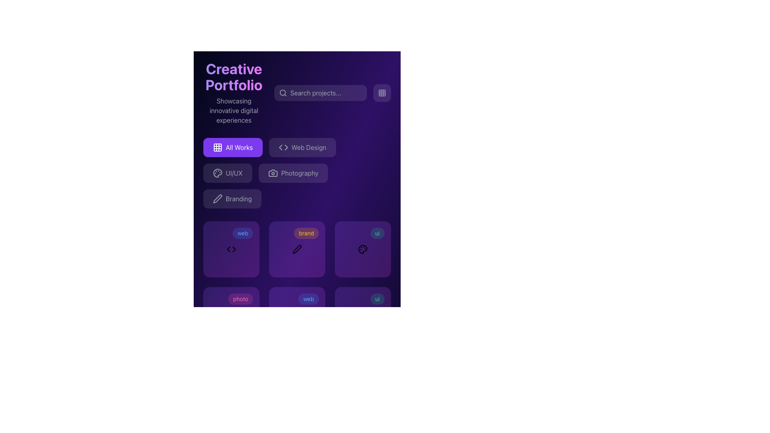 Image resolution: width=770 pixels, height=433 pixels. What do you see at coordinates (217, 147) in the screenshot?
I see `the grid layout icon within the 'All Works' section` at bounding box center [217, 147].